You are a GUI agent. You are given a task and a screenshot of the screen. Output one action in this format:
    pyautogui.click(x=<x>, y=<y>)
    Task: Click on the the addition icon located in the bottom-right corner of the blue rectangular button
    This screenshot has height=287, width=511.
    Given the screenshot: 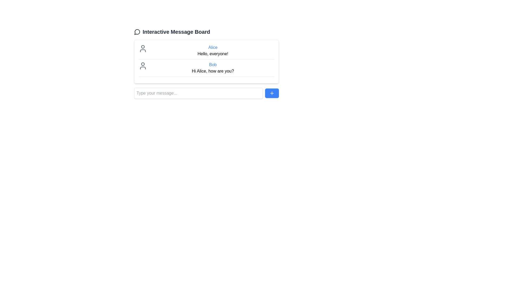 What is the action you would take?
    pyautogui.click(x=272, y=93)
    